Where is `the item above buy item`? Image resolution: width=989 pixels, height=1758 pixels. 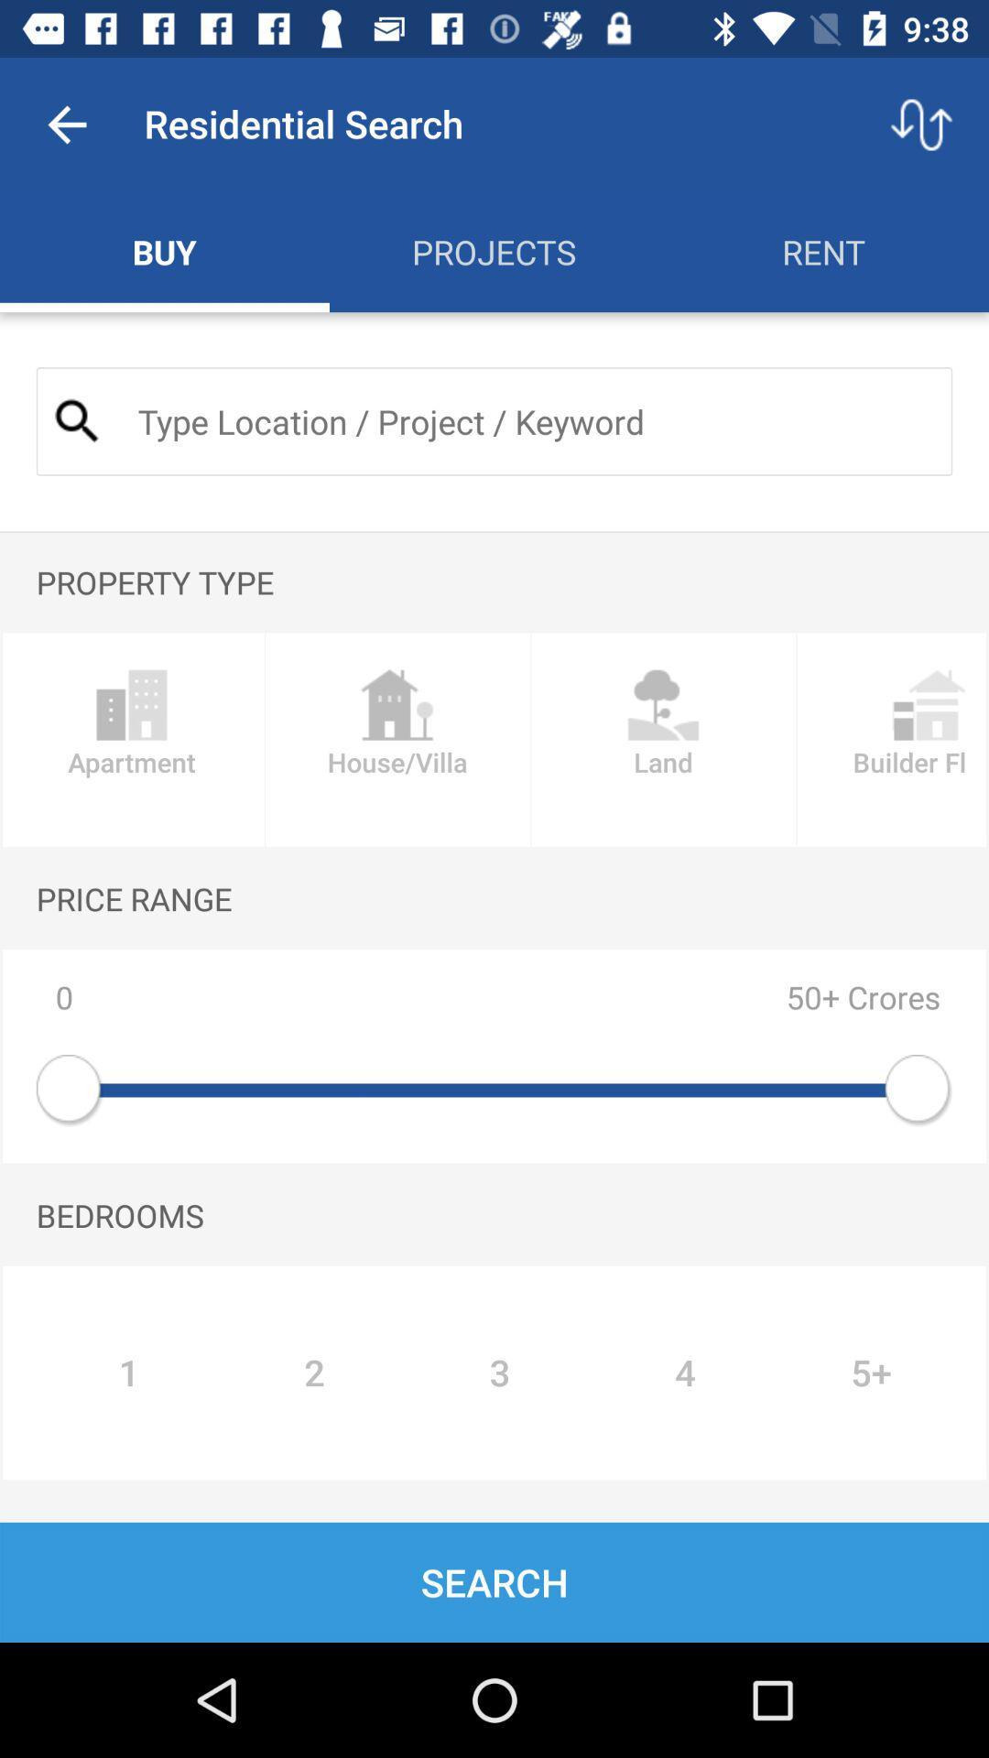 the item above buy item is located at coordinates (66, 124).